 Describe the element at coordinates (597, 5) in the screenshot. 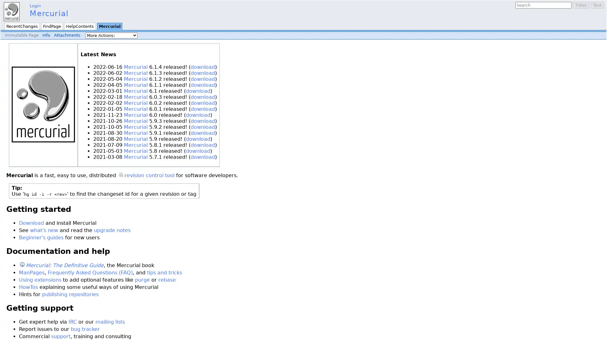

I see `Text` at that location.